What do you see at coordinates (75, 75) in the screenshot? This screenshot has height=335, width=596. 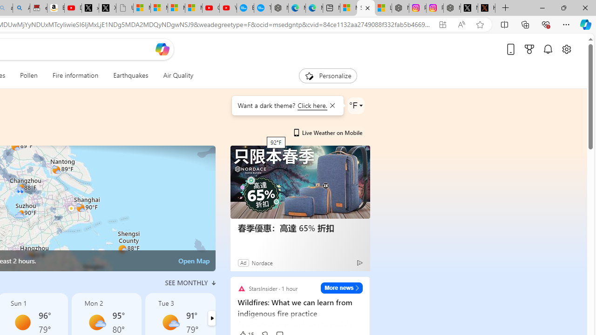 I see `'Fire information'` at bounding box center [75, 75].